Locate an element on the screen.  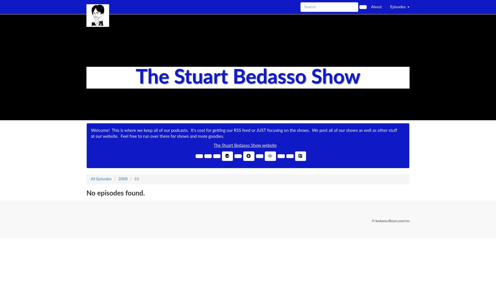
'The Stuart Bedasso Show website' is located at coordinates (245, 145).